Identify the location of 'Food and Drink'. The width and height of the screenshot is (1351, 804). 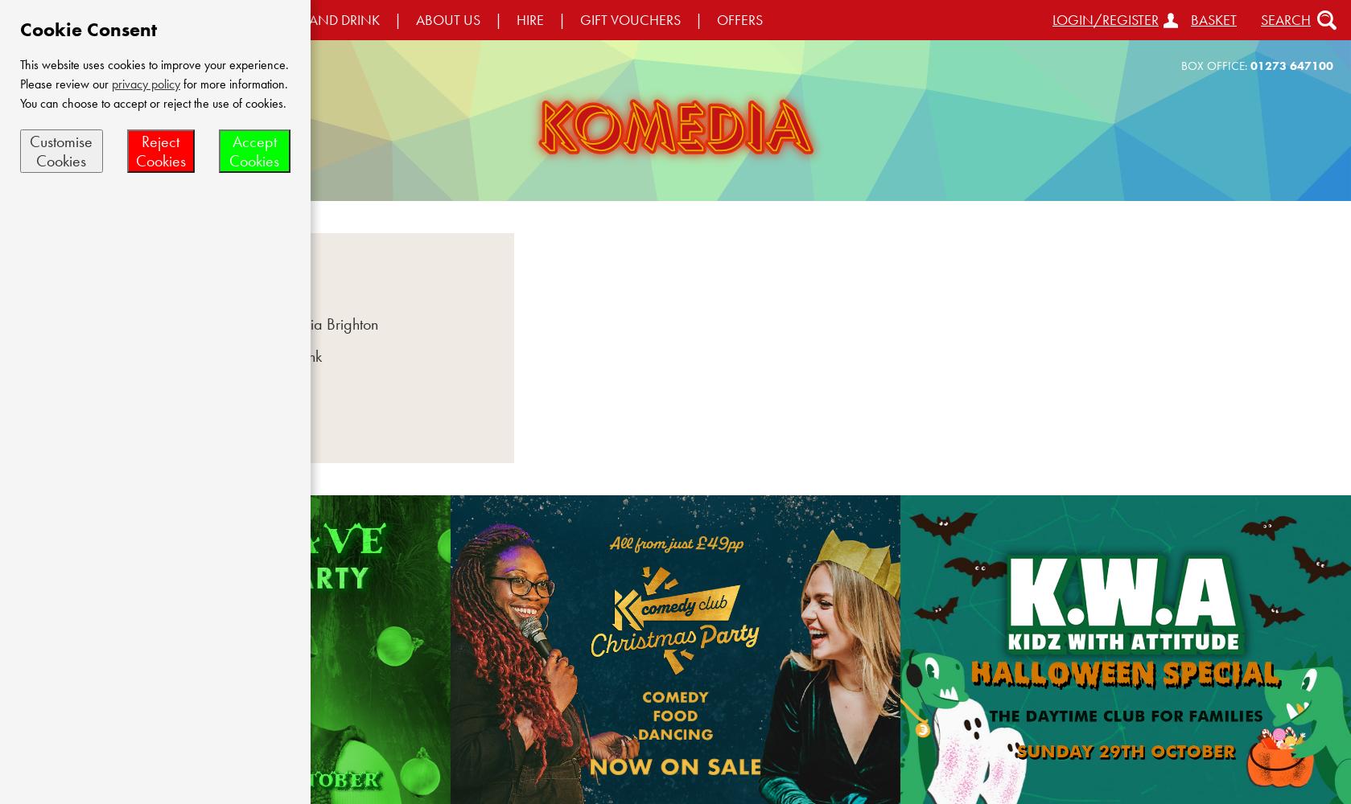
(272, 355).